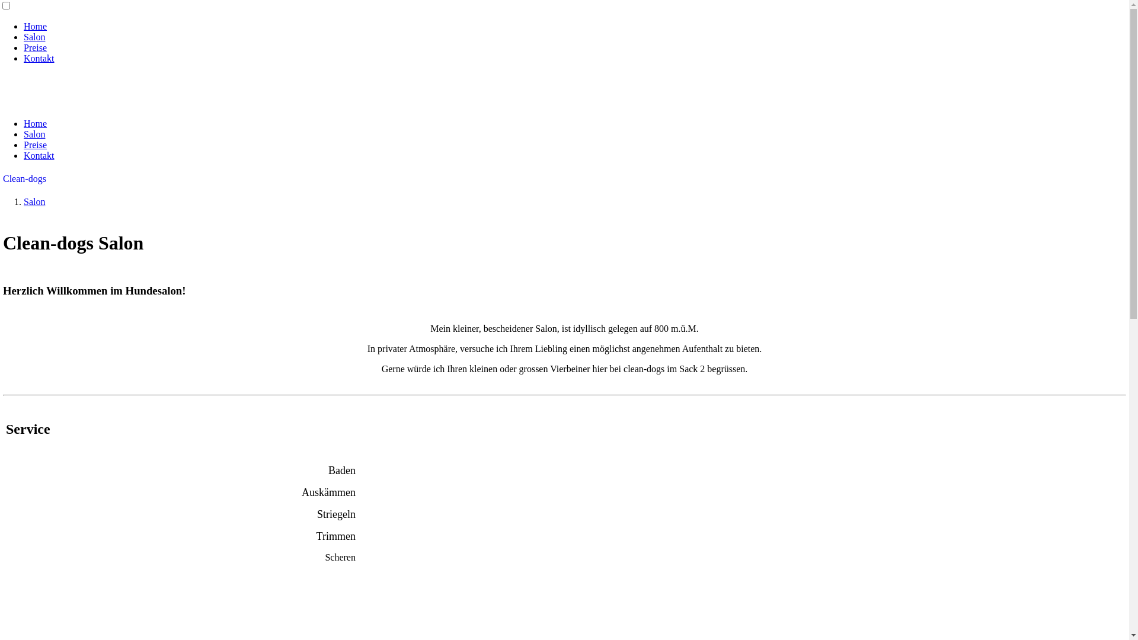 The height and width of the screenshot is (640, 1138). I want to click on 'Salon', so click(34, 201).